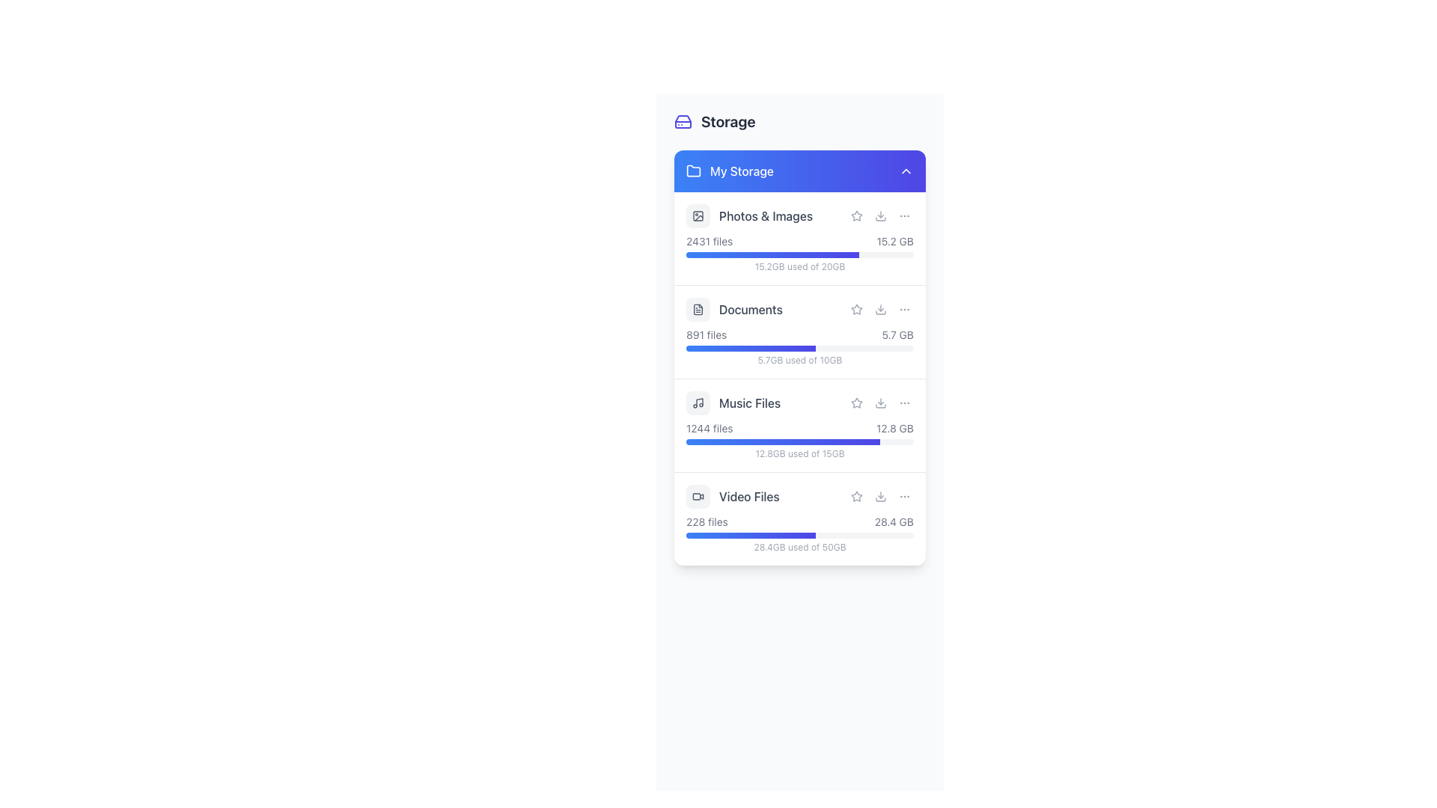  I want to click on the 'Documents' label with the accompanying icon, so click(734, 308).